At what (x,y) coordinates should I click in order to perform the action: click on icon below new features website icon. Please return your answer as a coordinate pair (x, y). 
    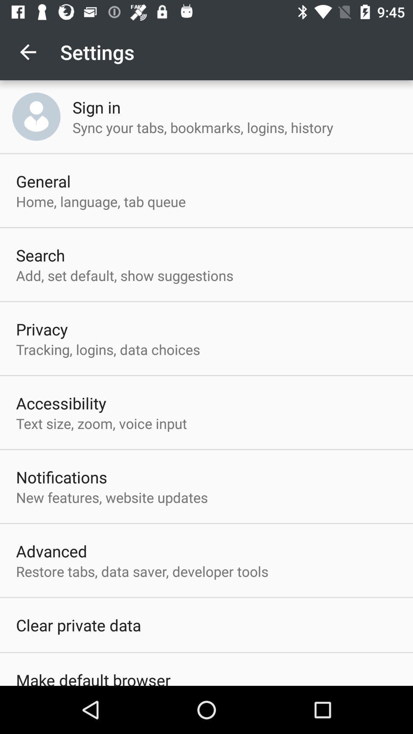
    Looking at the image, I should click on (52, 551).